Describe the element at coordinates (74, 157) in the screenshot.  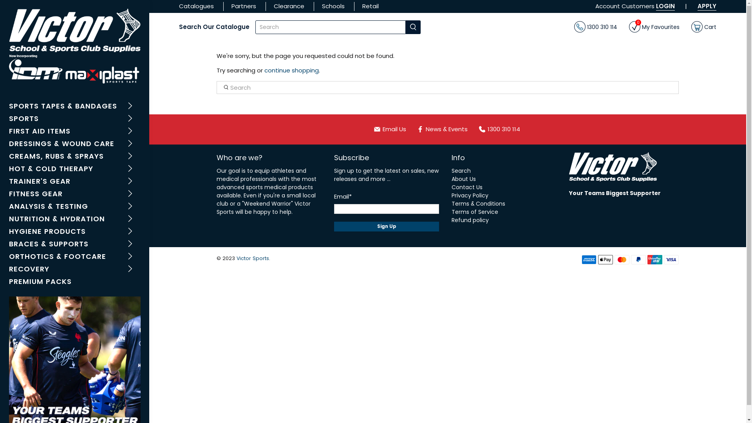
I see `'CREAMS, RUBS & SPRAYS'` at that location.